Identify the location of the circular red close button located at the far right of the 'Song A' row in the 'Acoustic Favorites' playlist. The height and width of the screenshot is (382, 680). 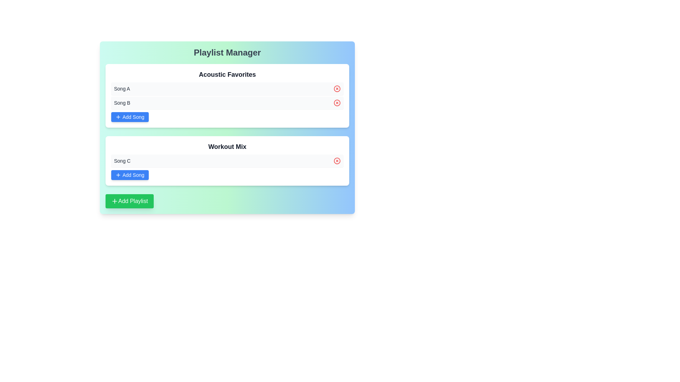
(336, 88).